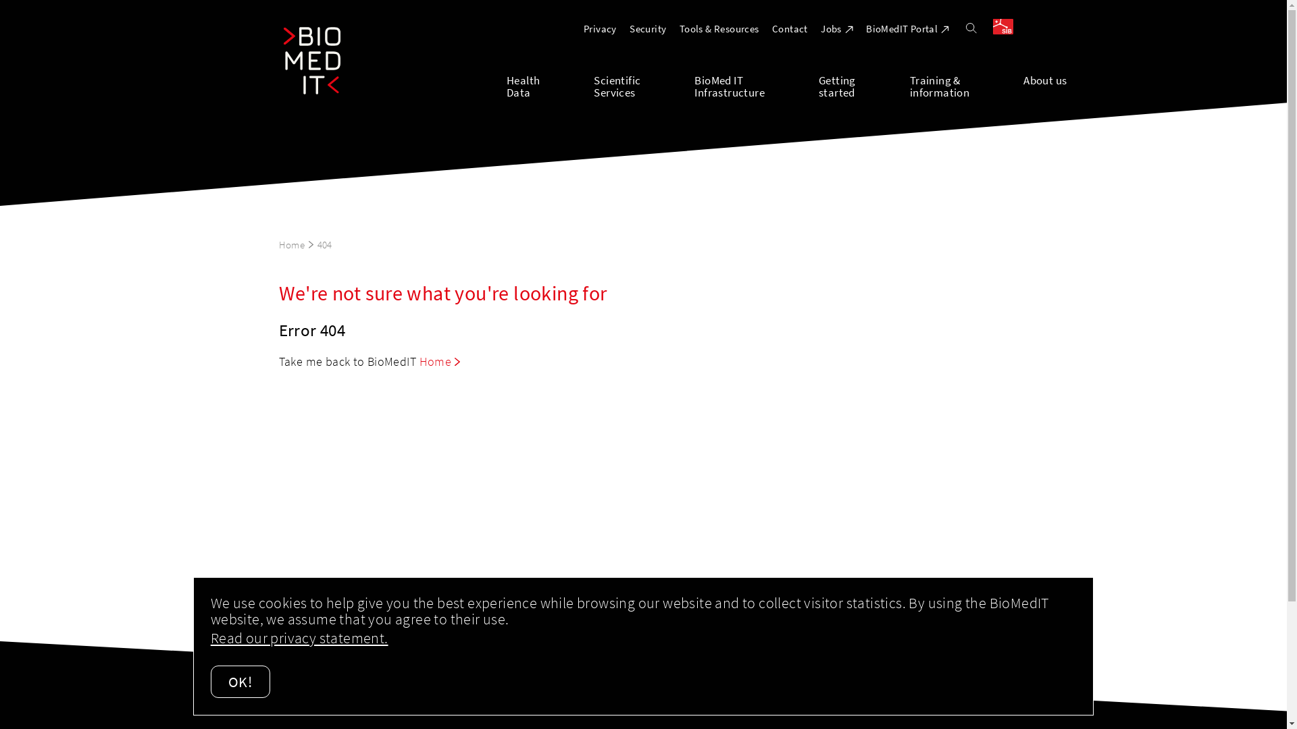 Image resolution: width=1297 pixels, height=729 pixels. Describe the element at coordinates (719, 28) in the screenshot. I see `'Tools & Resources'` at that location.